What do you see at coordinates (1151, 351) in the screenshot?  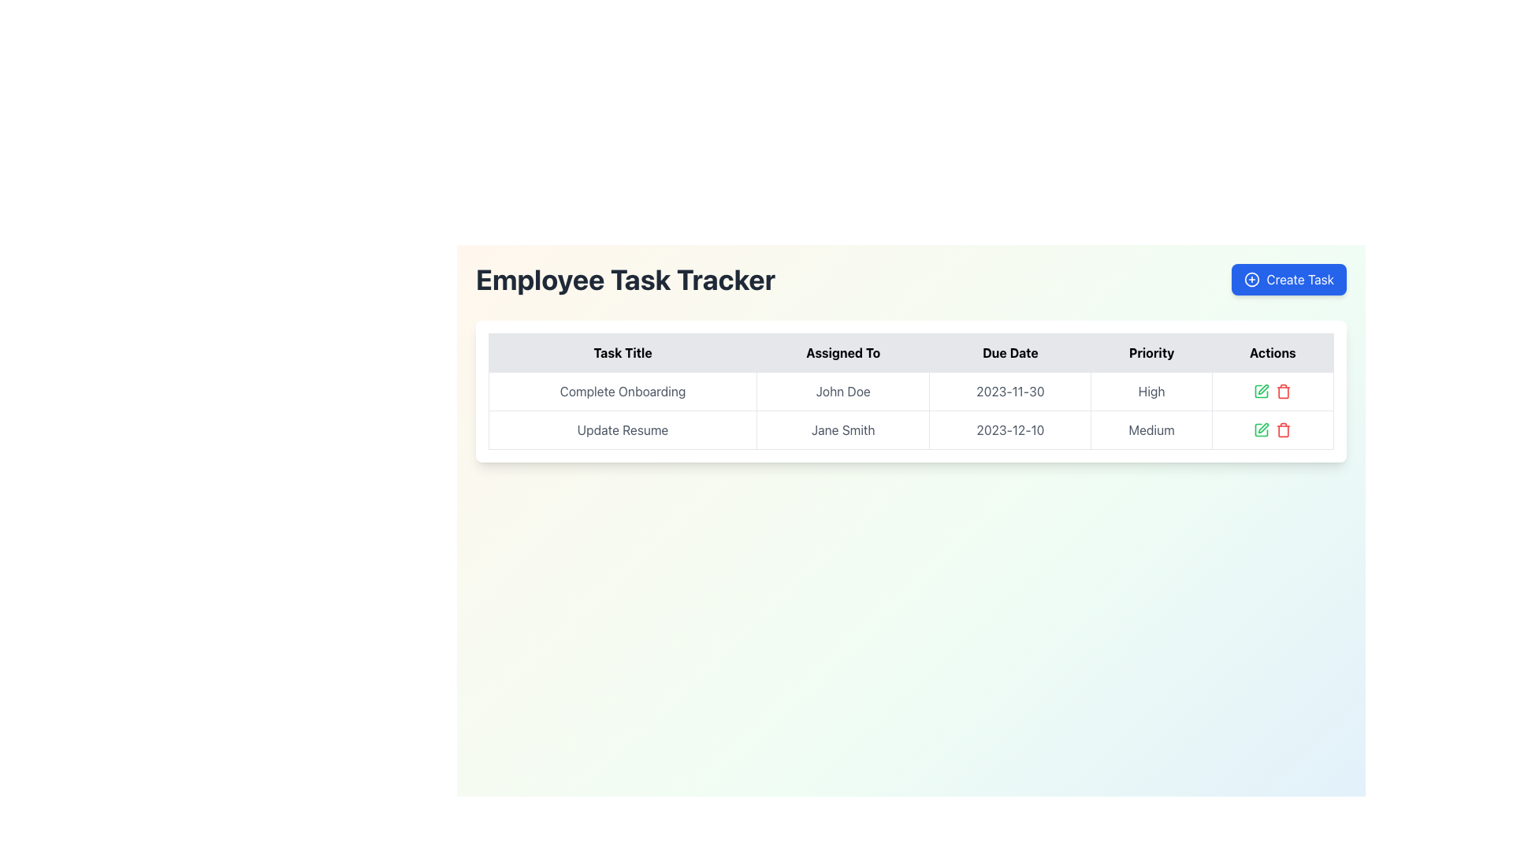 I see `the Table Header Cell labeled 'Priority' which is the fourth cell from the left in the header table, characterized by its light gray background and bold black text` at bounding box center [1151, 351].